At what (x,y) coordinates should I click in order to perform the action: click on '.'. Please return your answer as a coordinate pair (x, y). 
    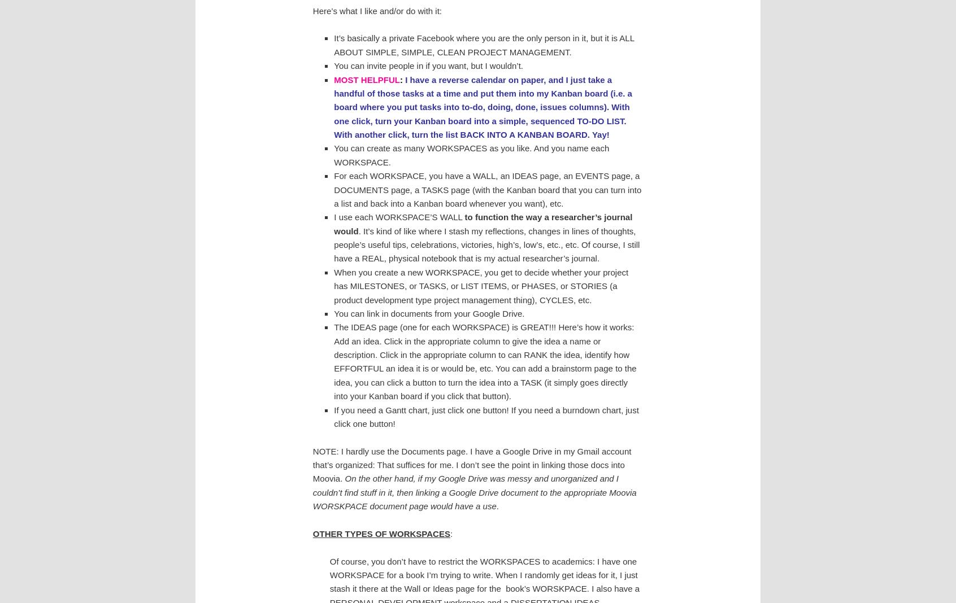
    Looking at the image, I should click on (497, 505).